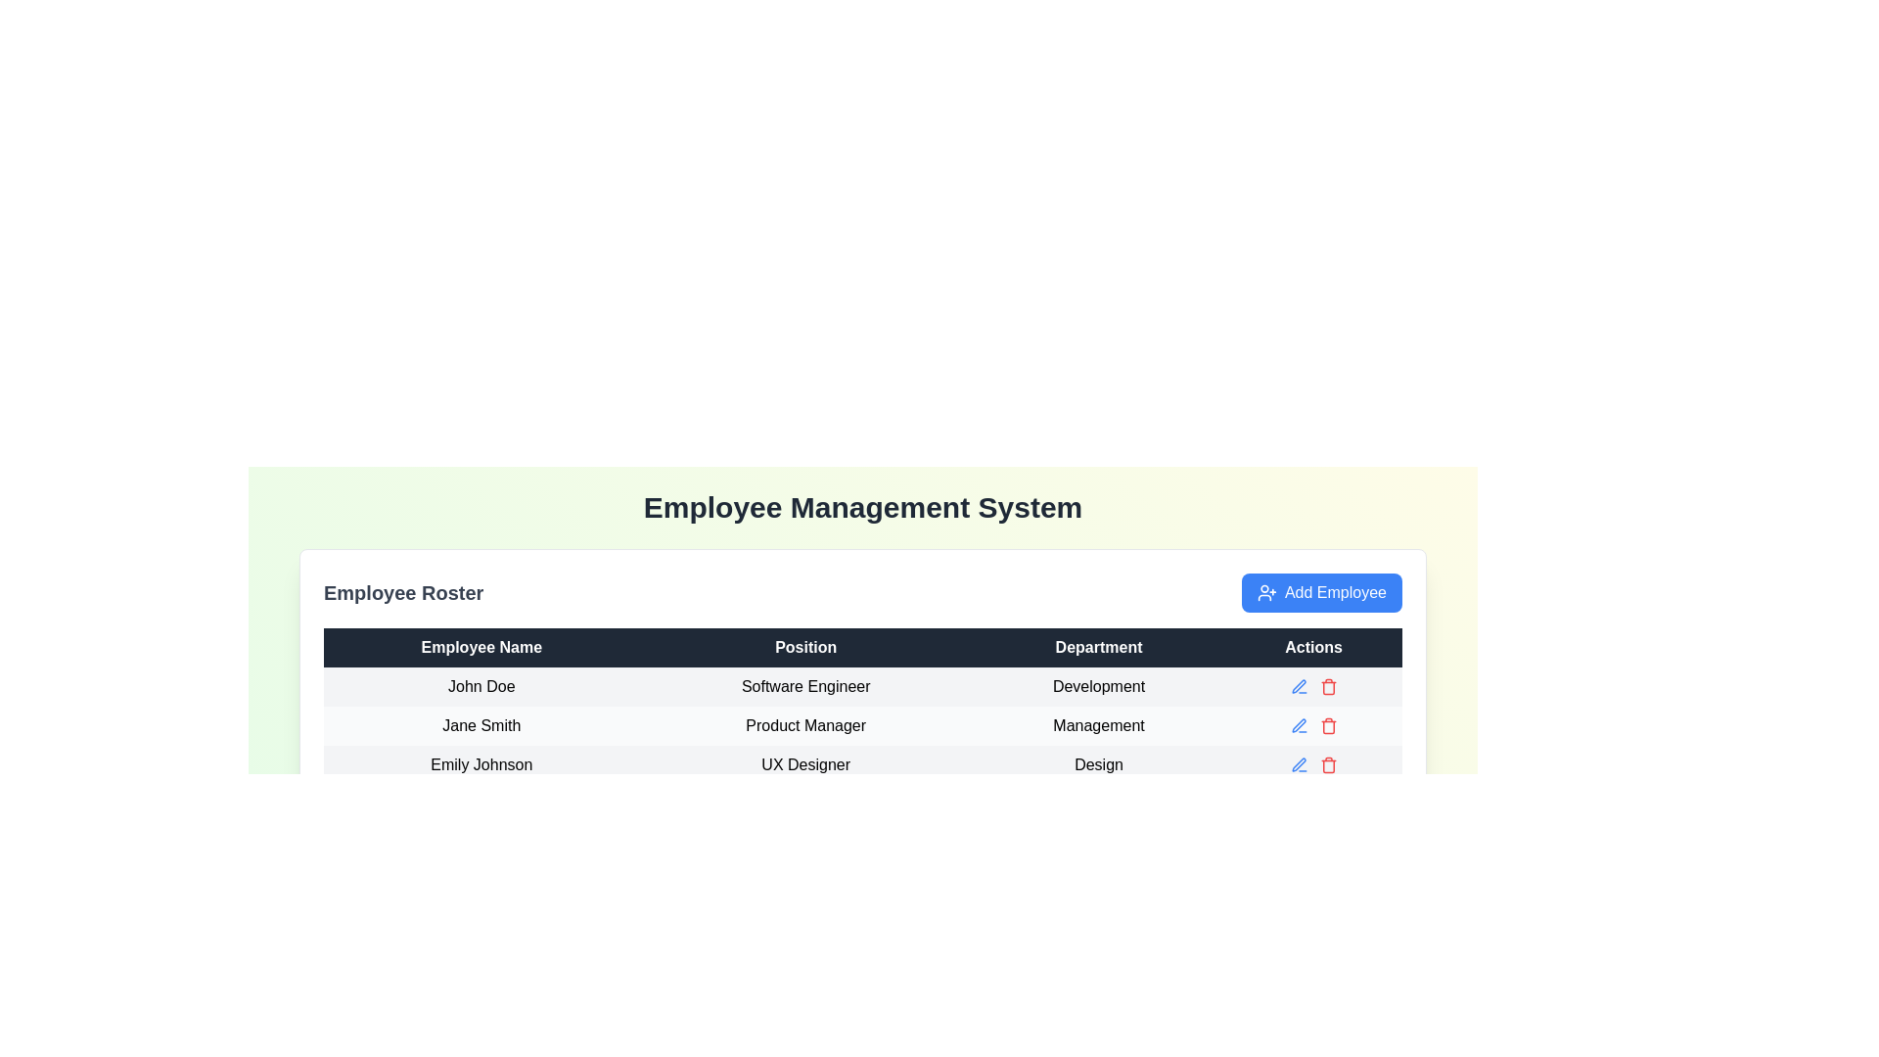 Image resolution: width=1879 pixels, height=1057 pixels. What do you see at coordinates (1313, 686) in the screenshot?
I see `the delete icon in the action group for the 'John Doe' entry located in the first row of the table under the 'Actions' header` at bounding box center [1313, 686].